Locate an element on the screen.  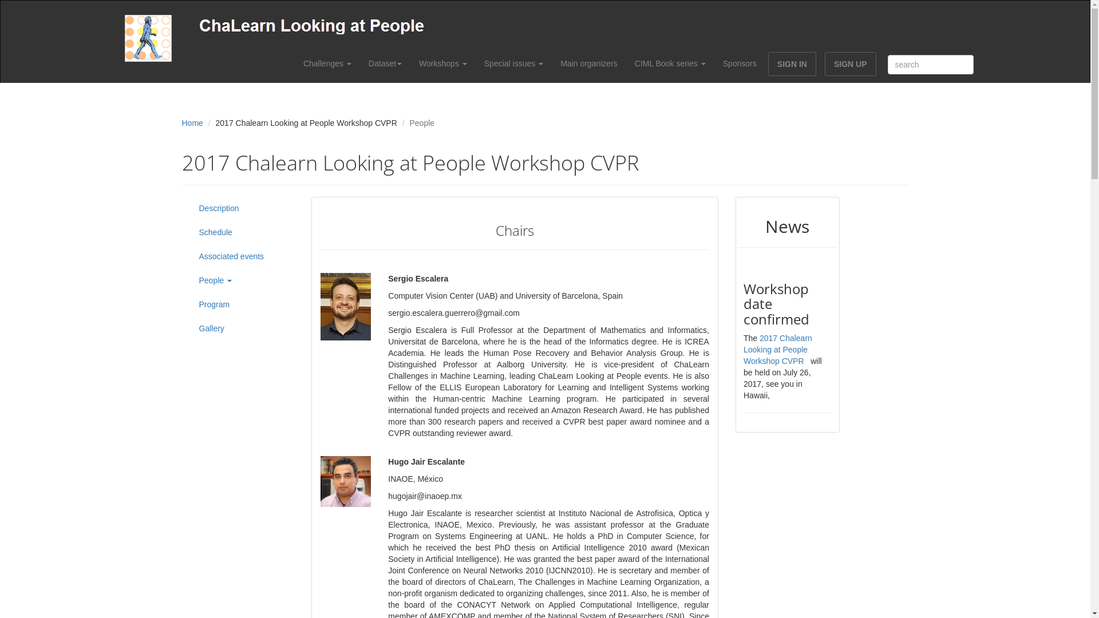
'2017 Chalearn Looking at People Workshop CVPR' is located at coordinates (777, 348).